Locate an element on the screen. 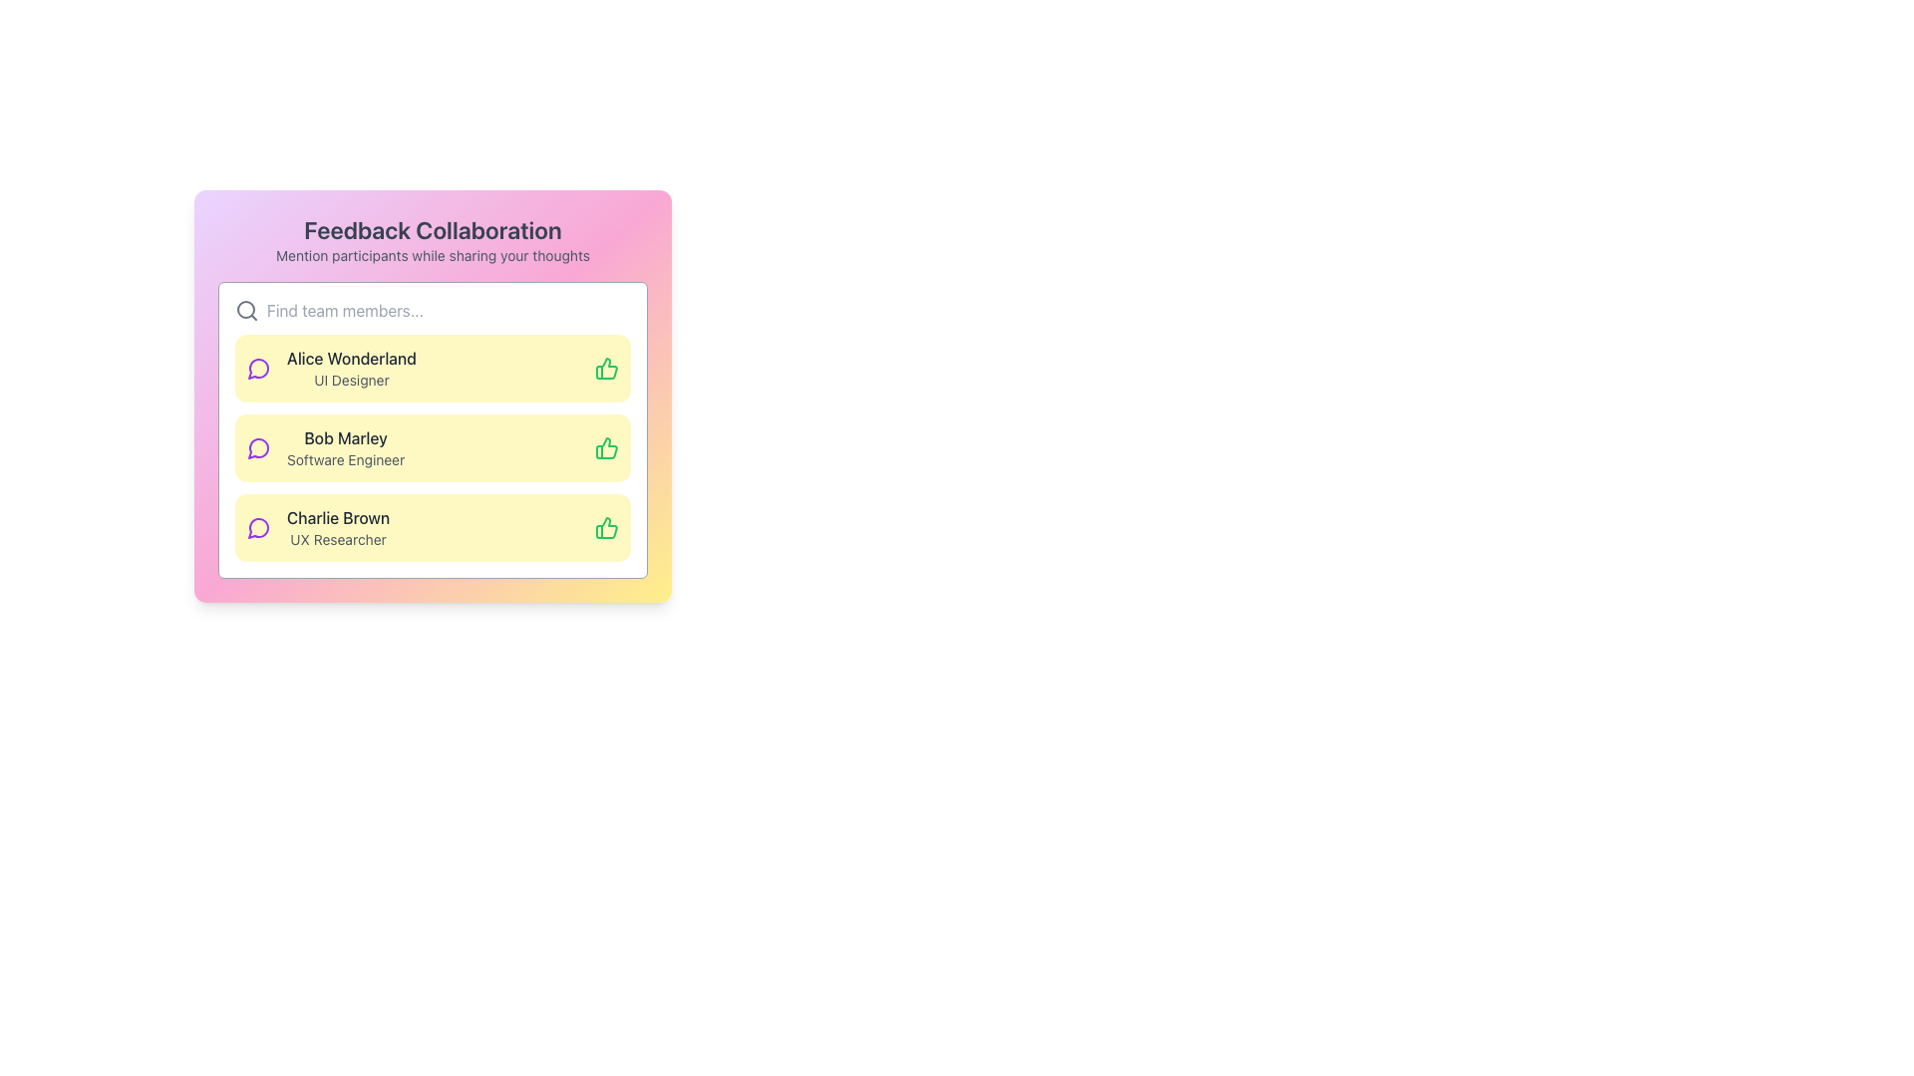  the clickable card entry for 'Bob Marley', which is the second card in a vertical list is located at coordinates (432, 429).